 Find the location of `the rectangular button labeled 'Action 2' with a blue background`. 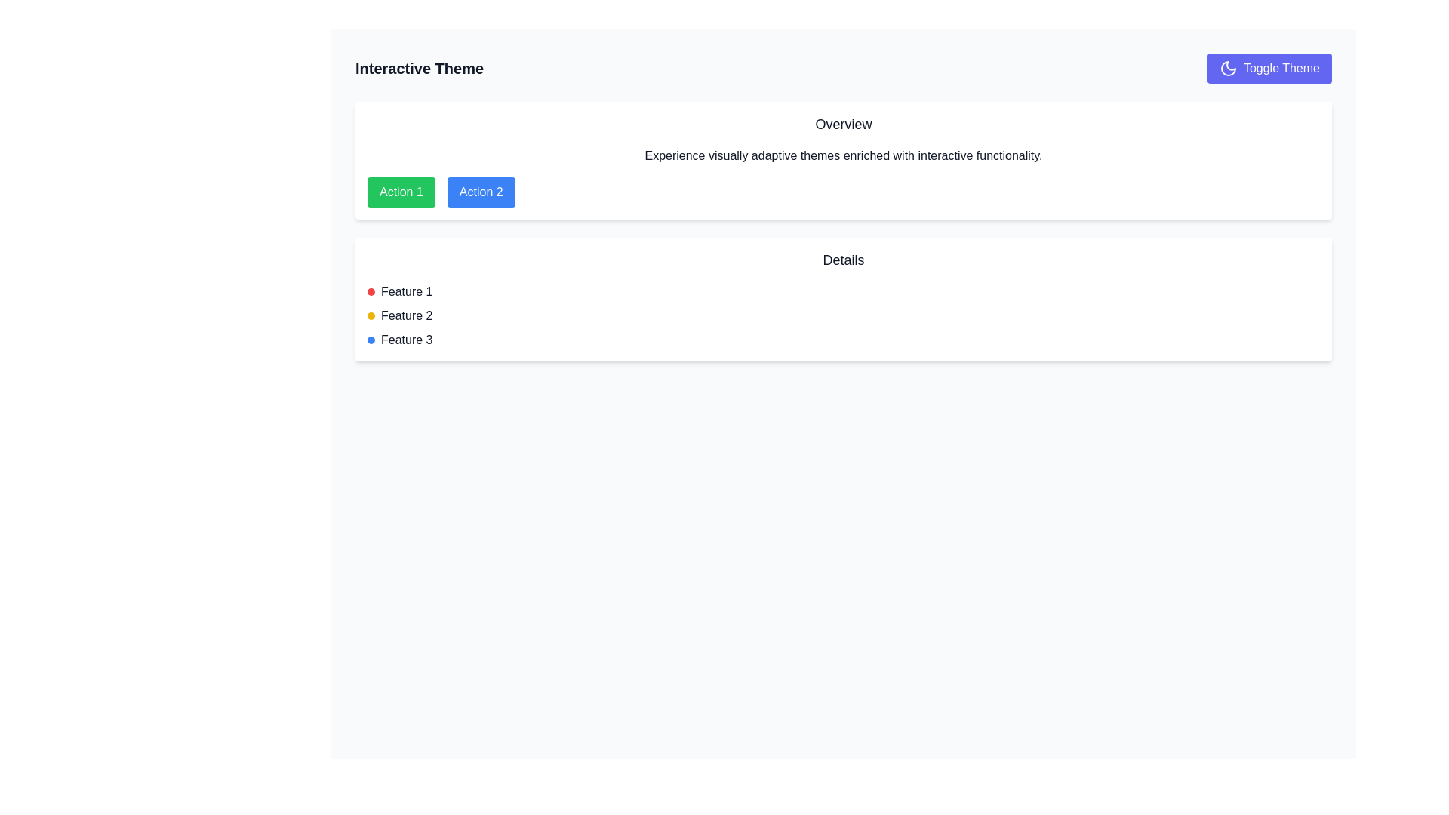

the rectangular button labeled 'Action 2' with a blue background is located at coordinates (480, 191).